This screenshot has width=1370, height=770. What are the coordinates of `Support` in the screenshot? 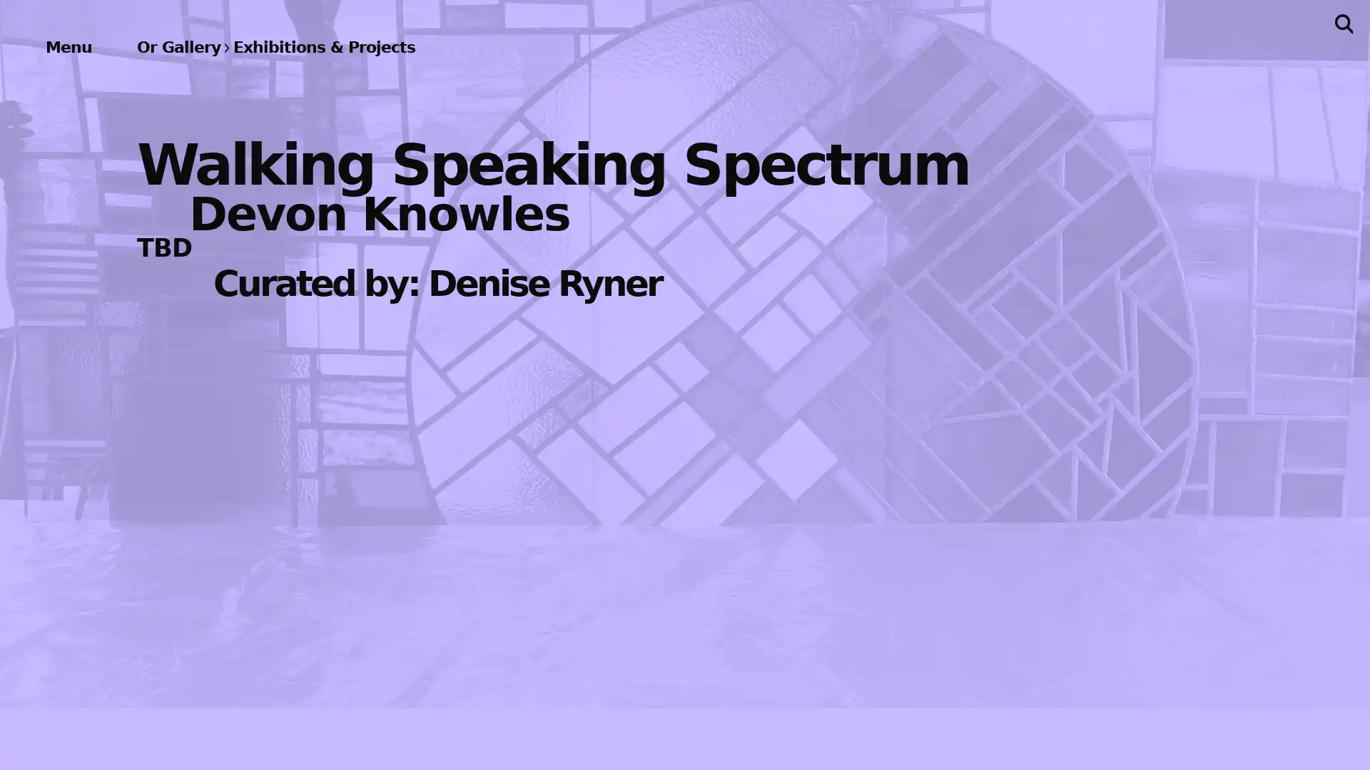 It's located at (310, 632).